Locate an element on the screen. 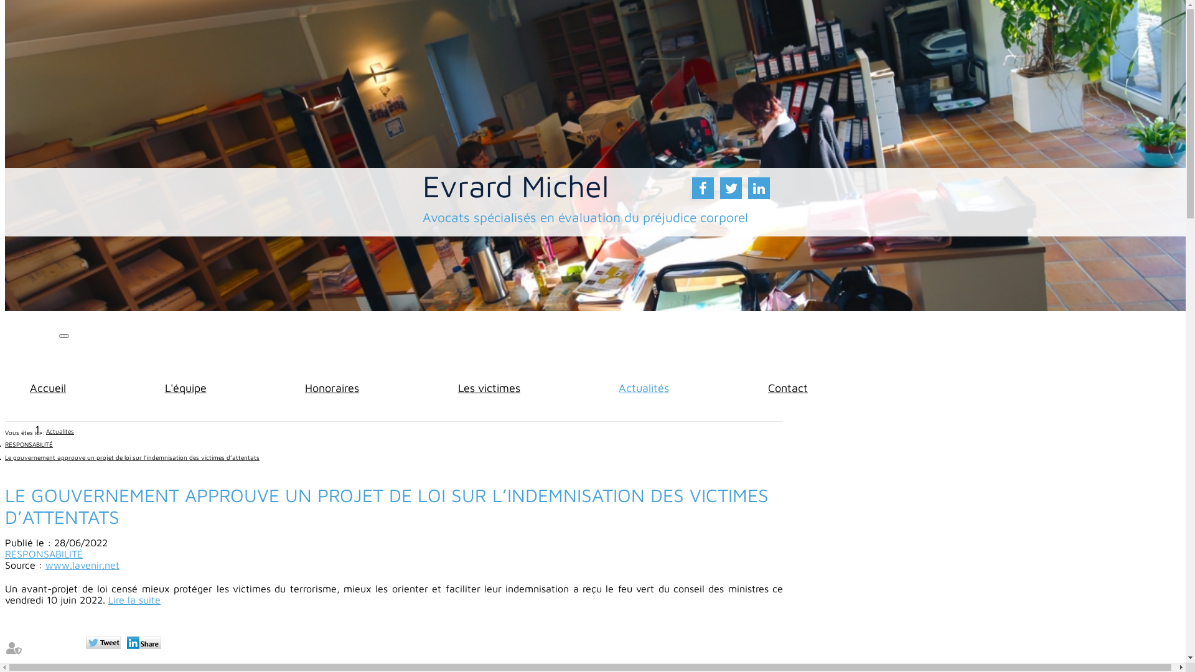 Image resolution: width=1195 pixels, height=672 pixels. 'facebook' is located at coordinates (703, 188).